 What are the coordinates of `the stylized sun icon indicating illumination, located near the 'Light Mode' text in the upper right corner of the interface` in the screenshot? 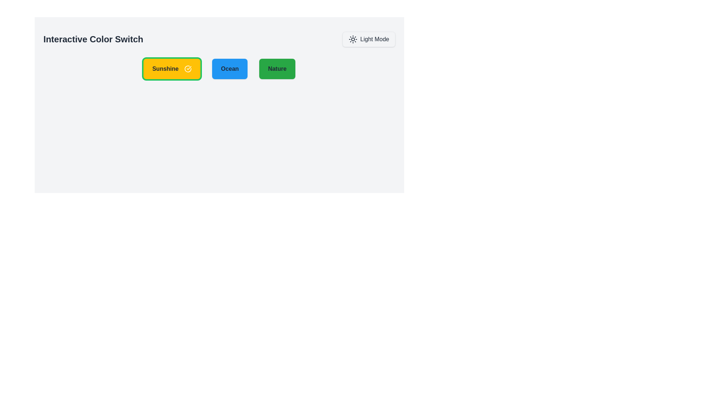 It's located at (353, 39).